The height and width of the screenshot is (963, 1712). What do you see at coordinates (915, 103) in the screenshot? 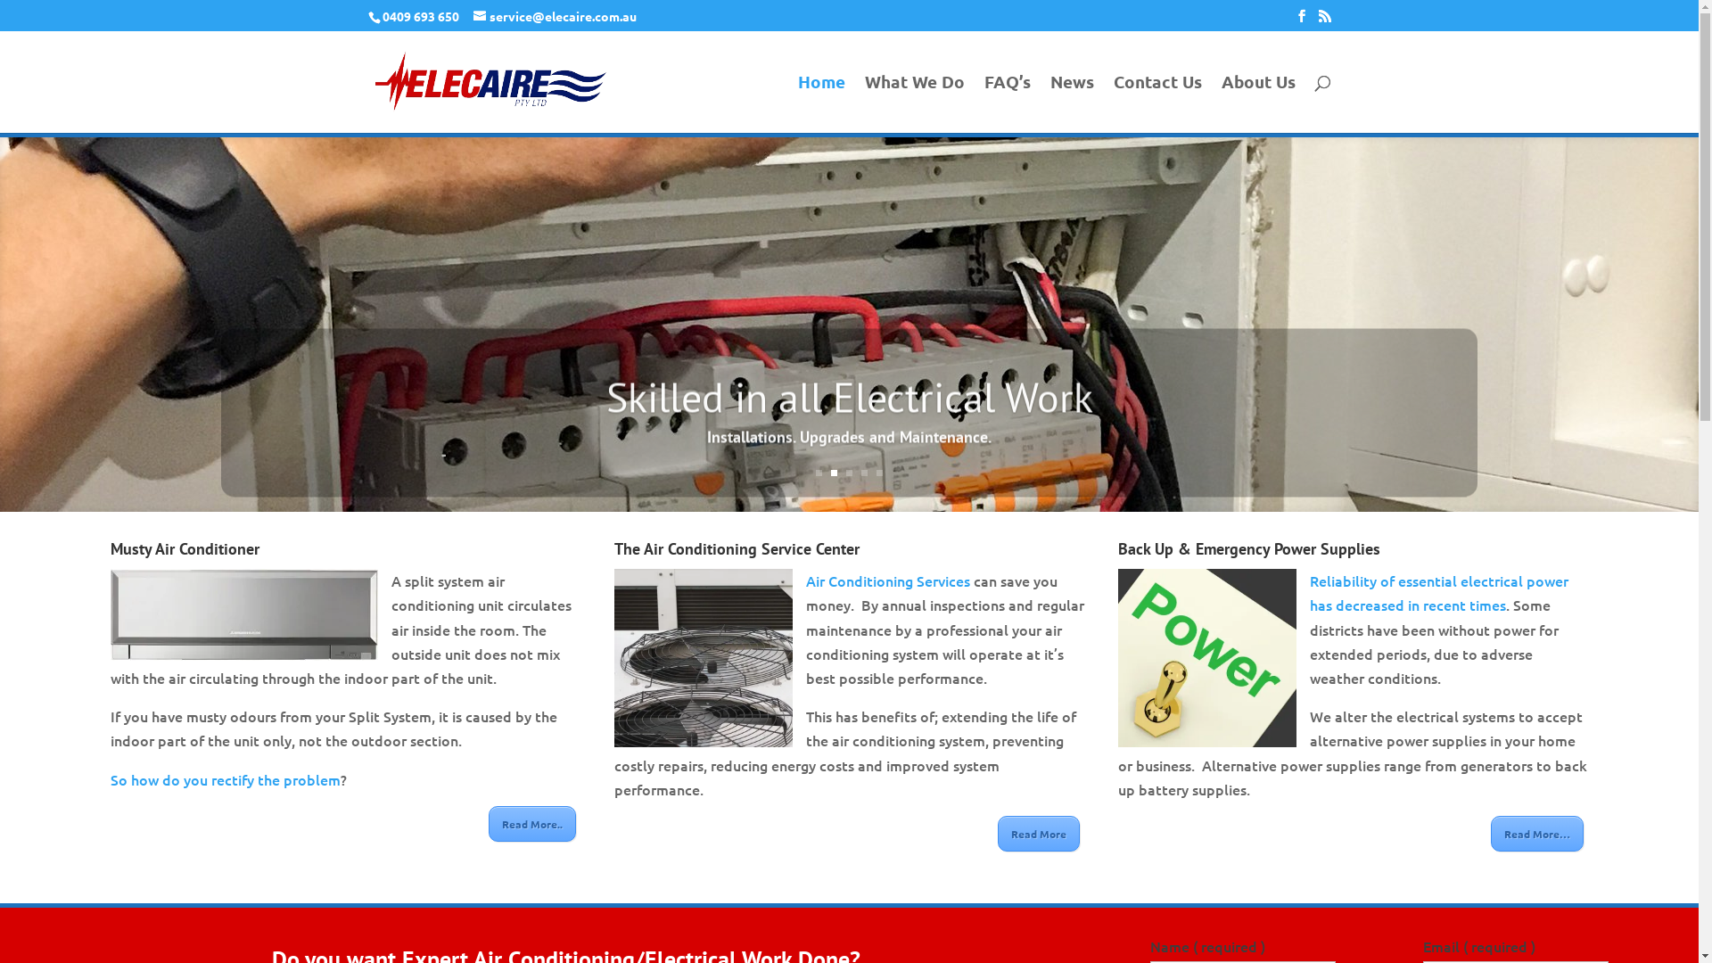
I see `'What We Do'` at bounding box center [915, 103].